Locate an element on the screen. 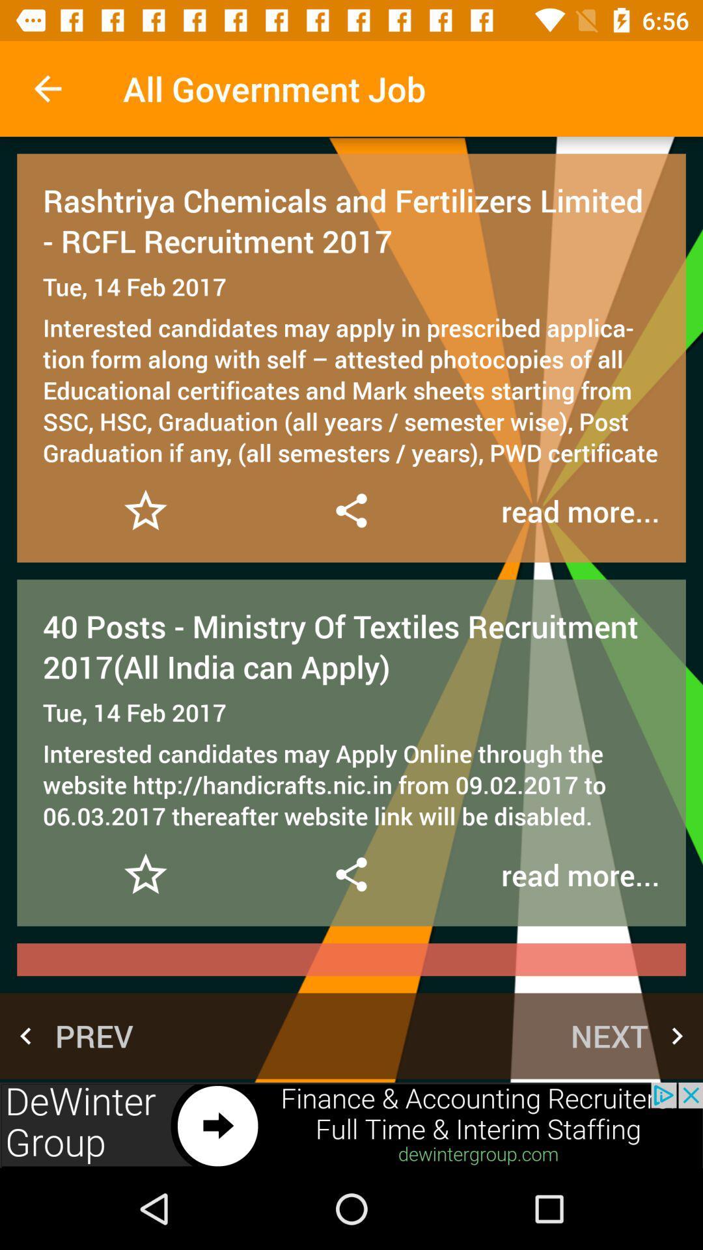 The height and width of the screenshot is (1250, 703). share is located at coordinates (350, 874).